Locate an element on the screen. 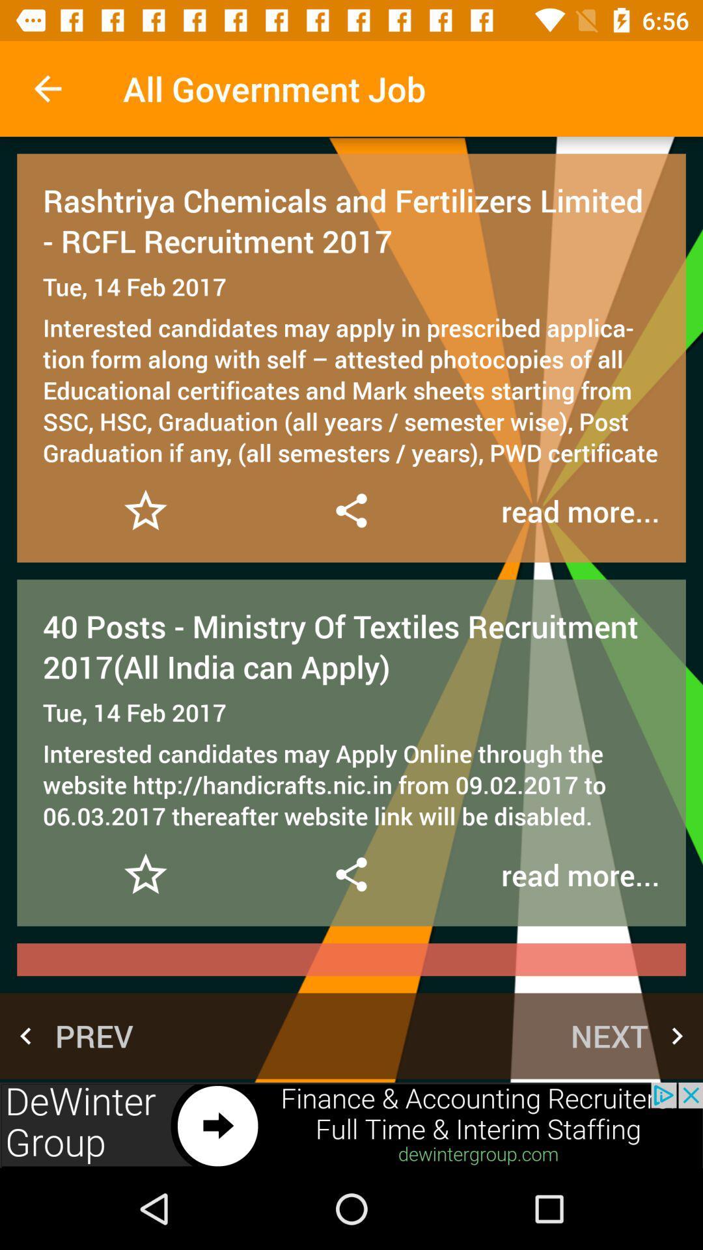 The height and width of the screenshot is (1250, 703). share is located at coordinates (350, 874).